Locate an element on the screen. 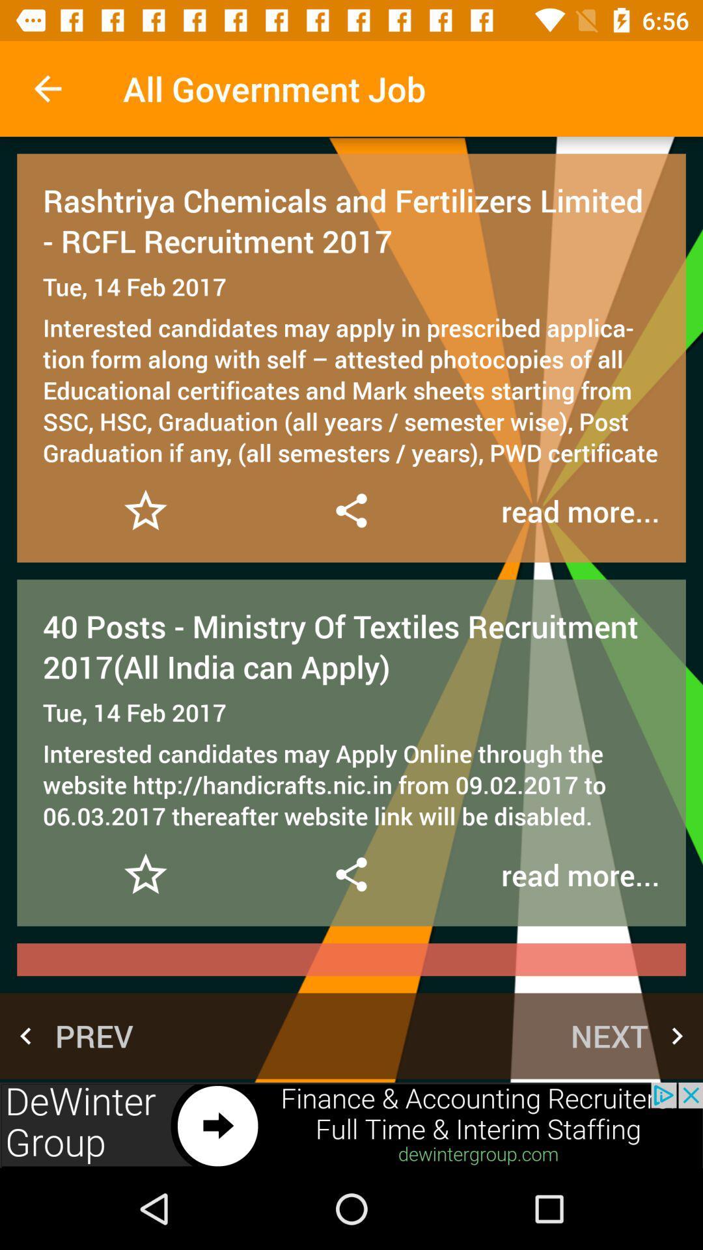 The height and width of the screenshot is (1250, 703). share is located at coordinates (350, 874).